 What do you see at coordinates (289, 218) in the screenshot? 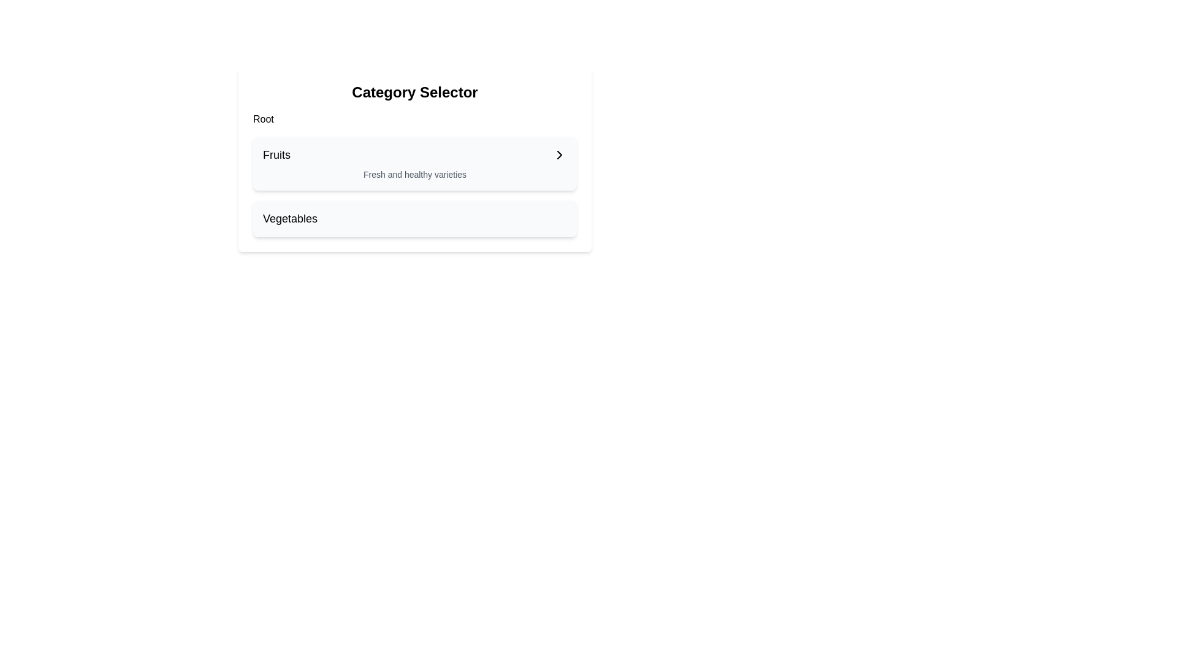
I see `the 'Vegetables' text label located under the 'Fruits' header` at bounding box center [289, 218].